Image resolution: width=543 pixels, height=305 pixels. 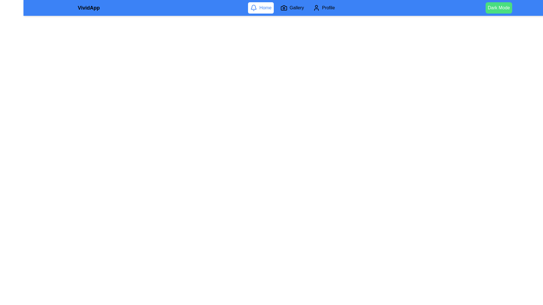 I want to click on the 'Dark Mode' button to toggle between light and dark modes, so click(x=499, y=8).